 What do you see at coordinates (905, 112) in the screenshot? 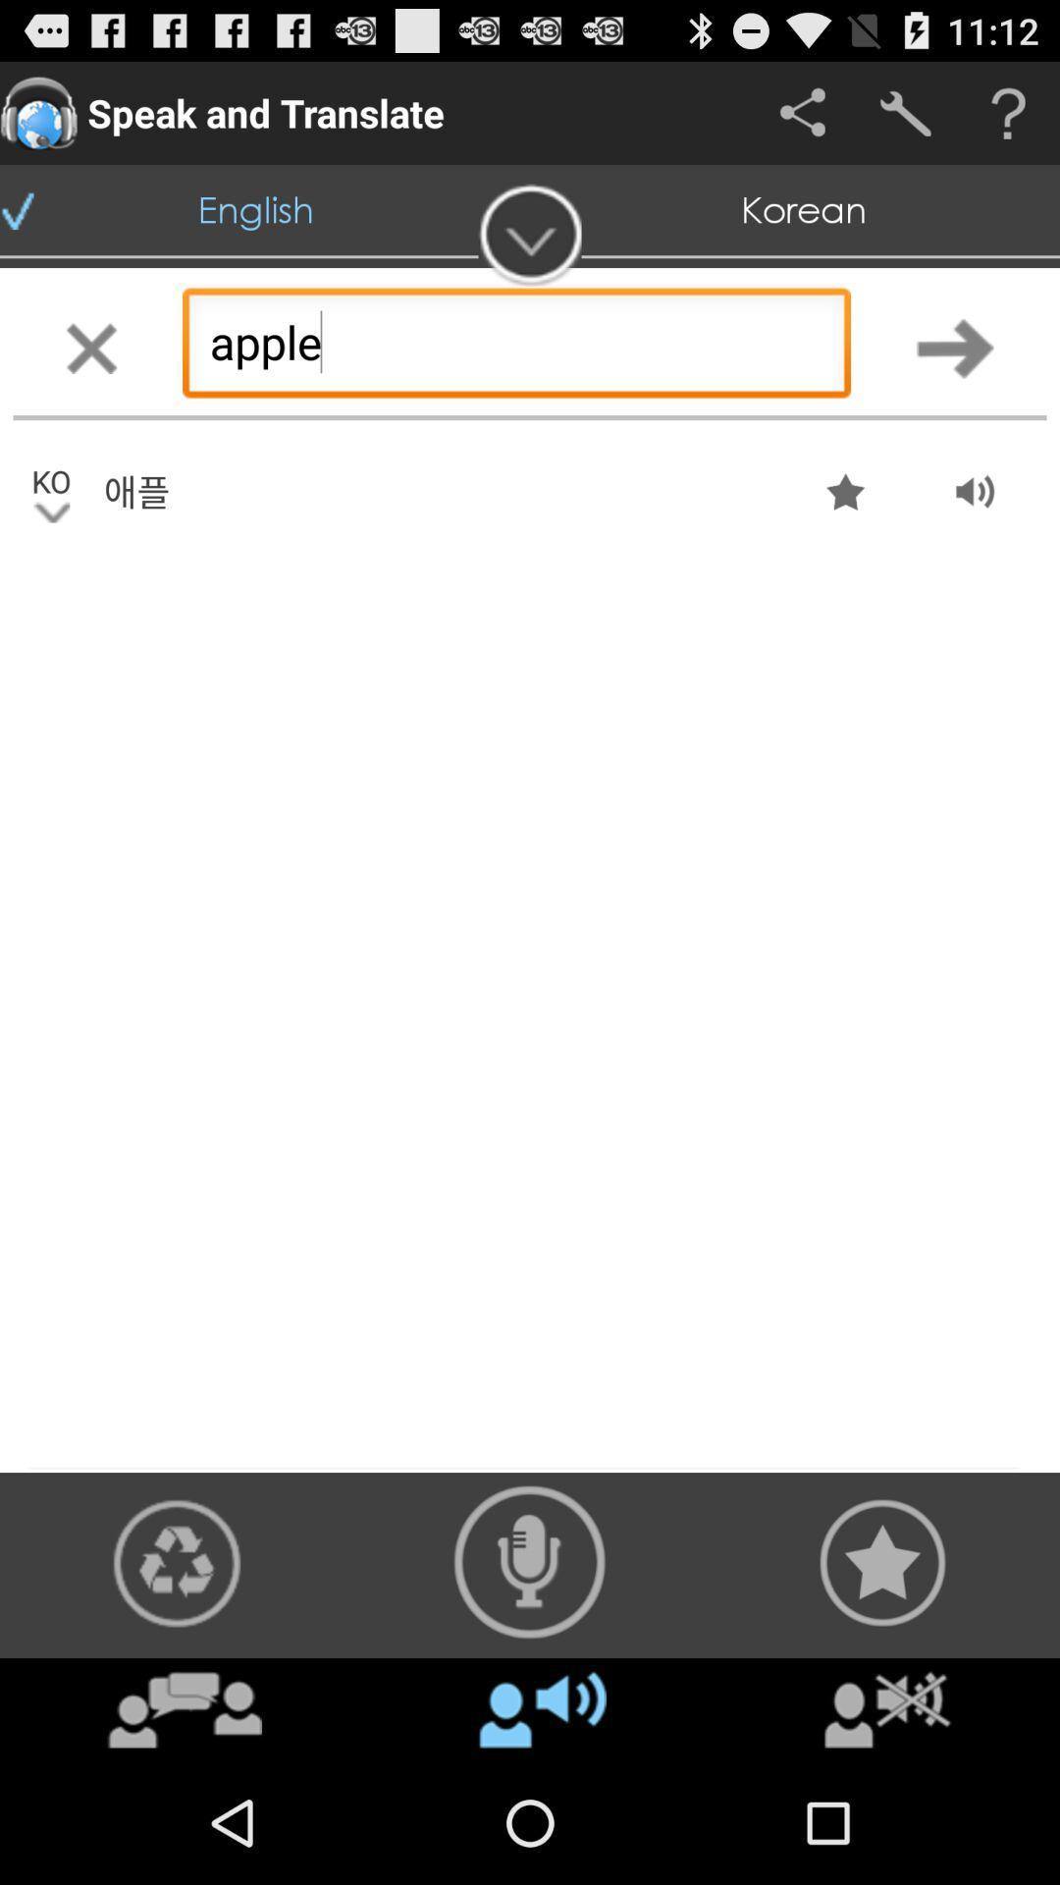
I see `settings` at bounding box center [905, 112].